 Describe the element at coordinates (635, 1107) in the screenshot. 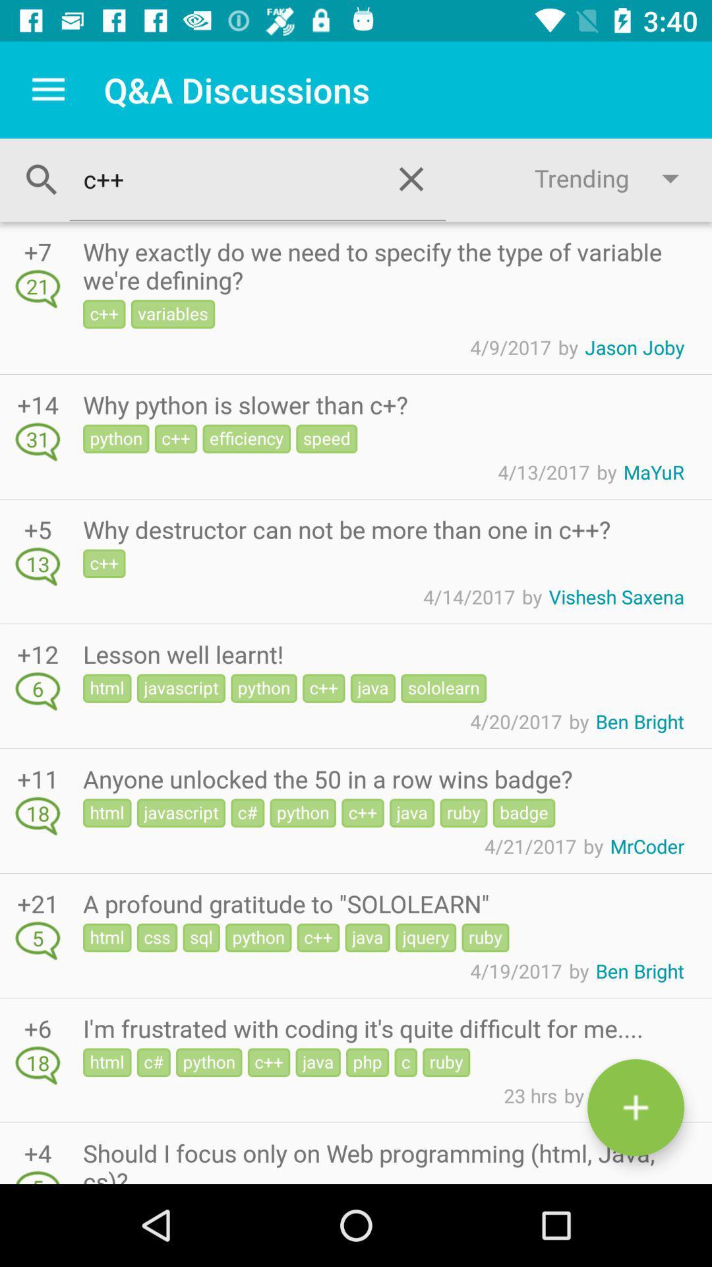

I see `the add icon` at that location.